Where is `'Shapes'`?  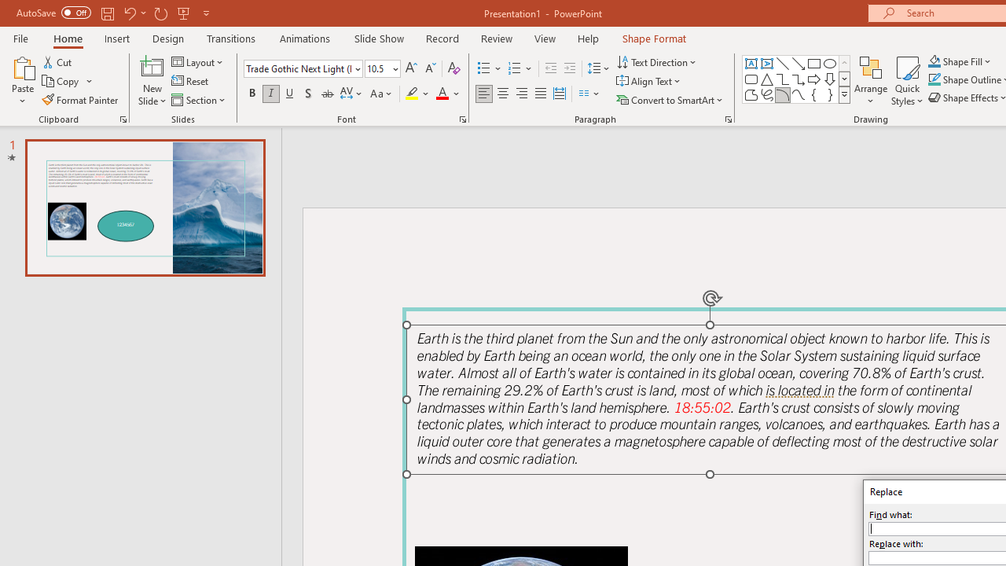
'Shapes' is located at coordinates (843, 94).